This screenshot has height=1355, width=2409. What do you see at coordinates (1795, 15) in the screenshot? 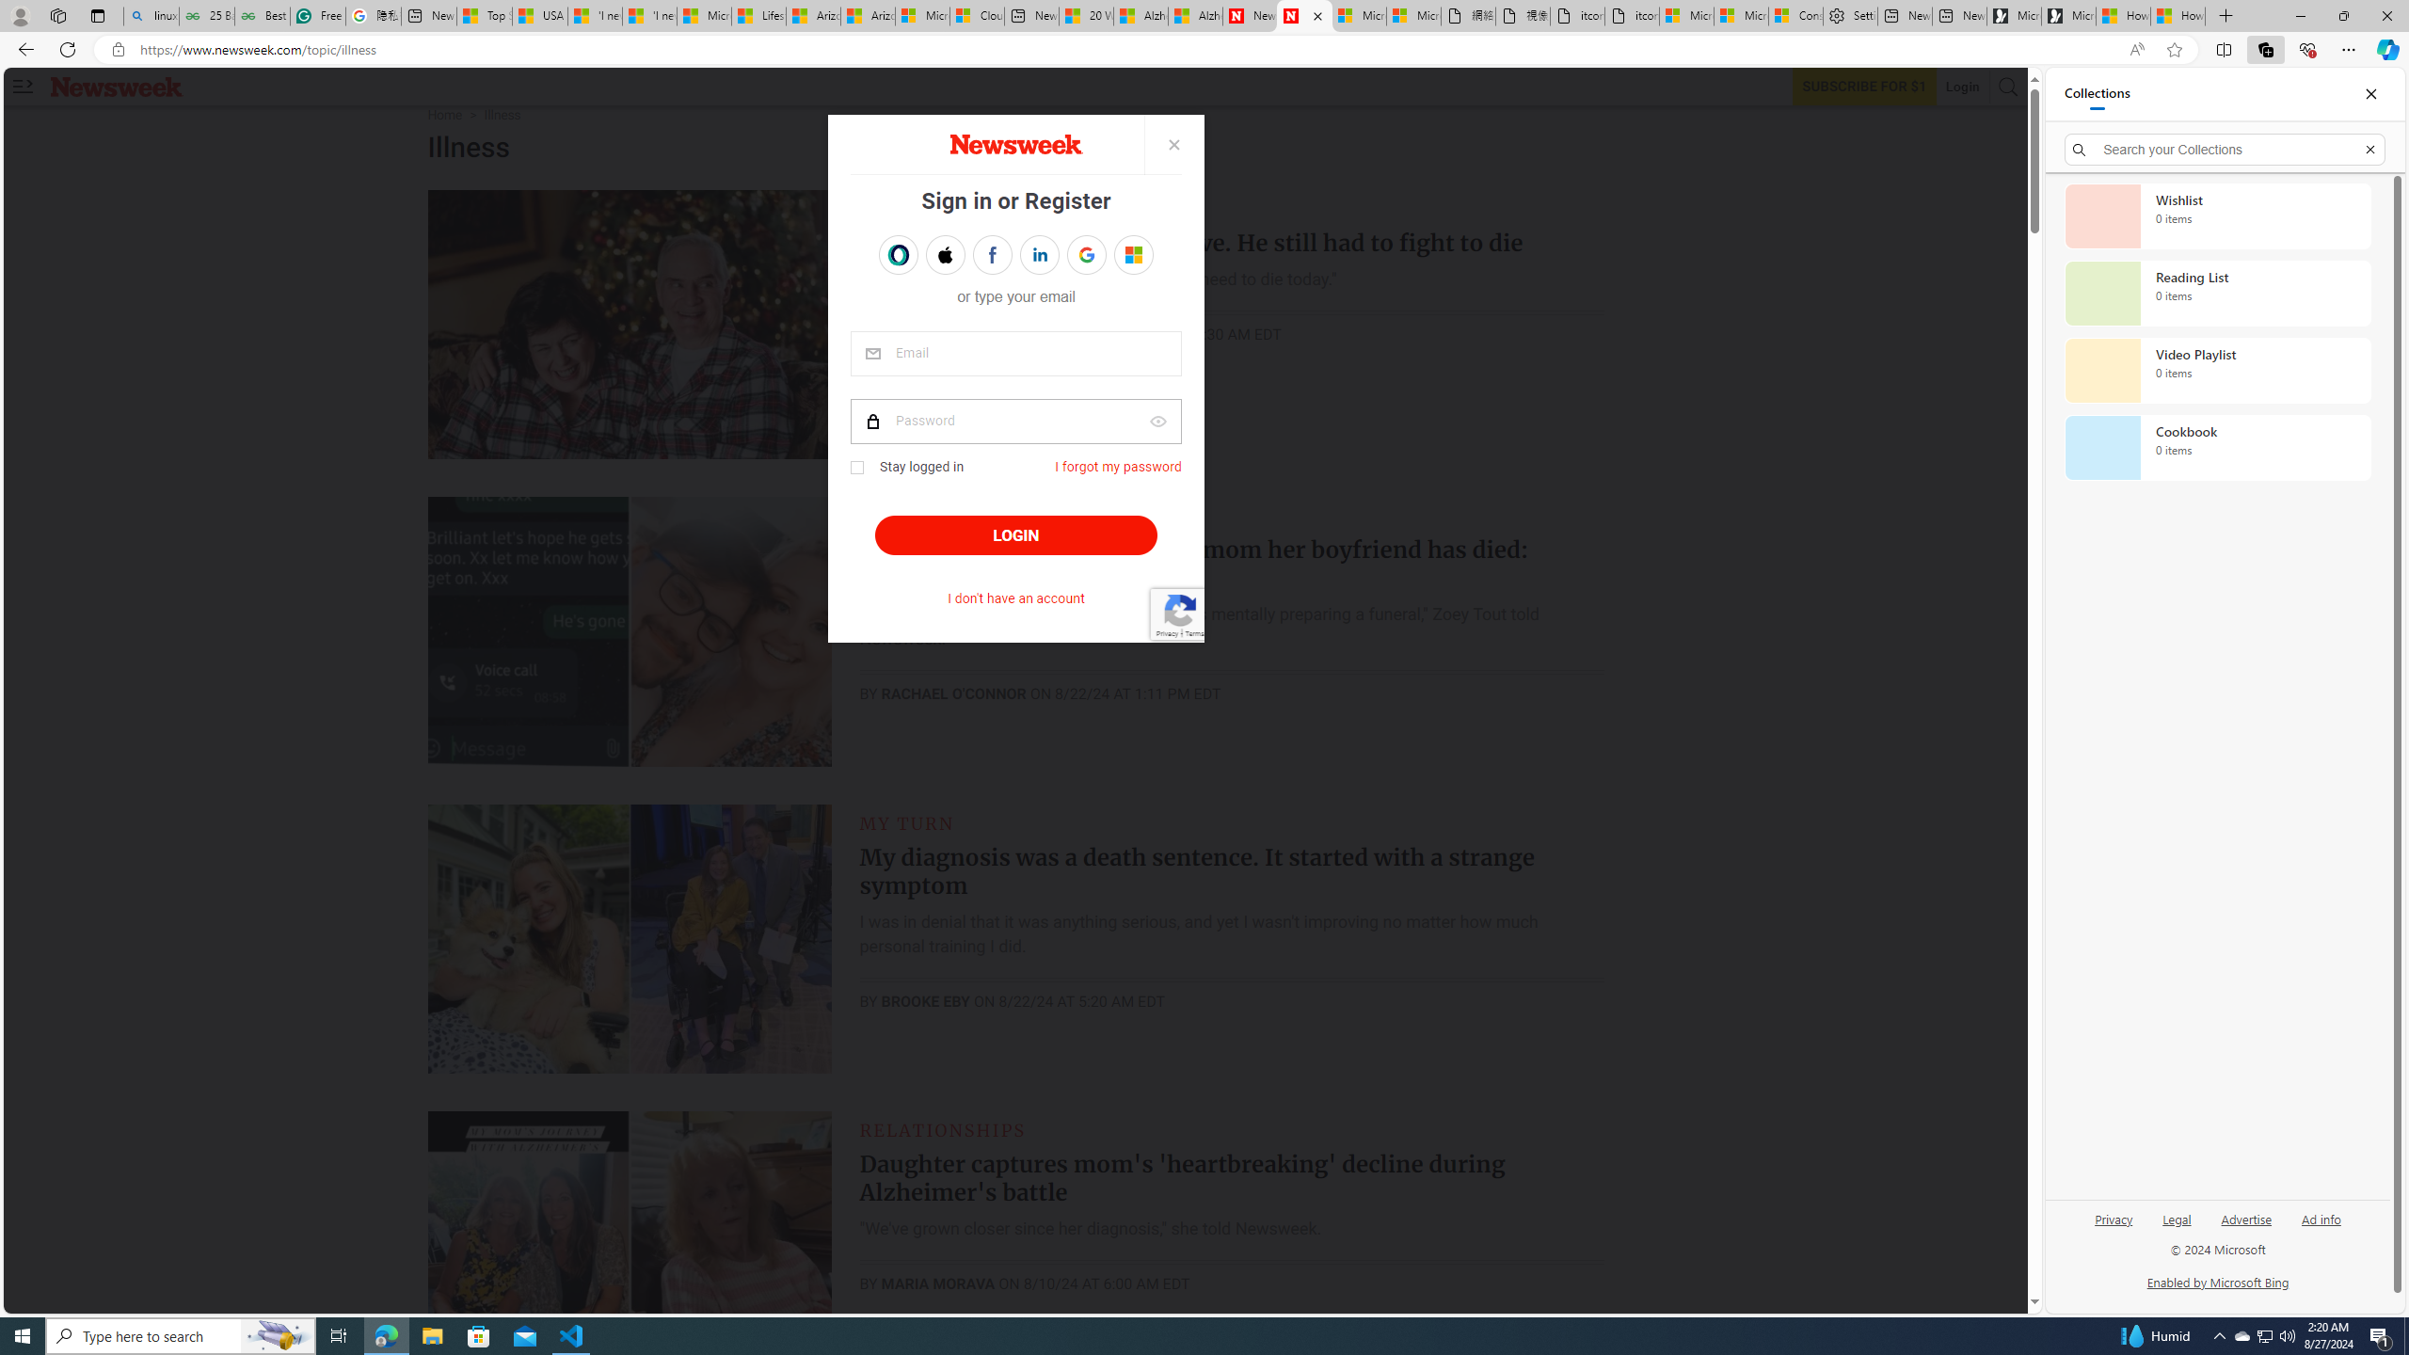
I see `'Consumer Health Data Privacy Policy'` at bounding box center [1795, 15].